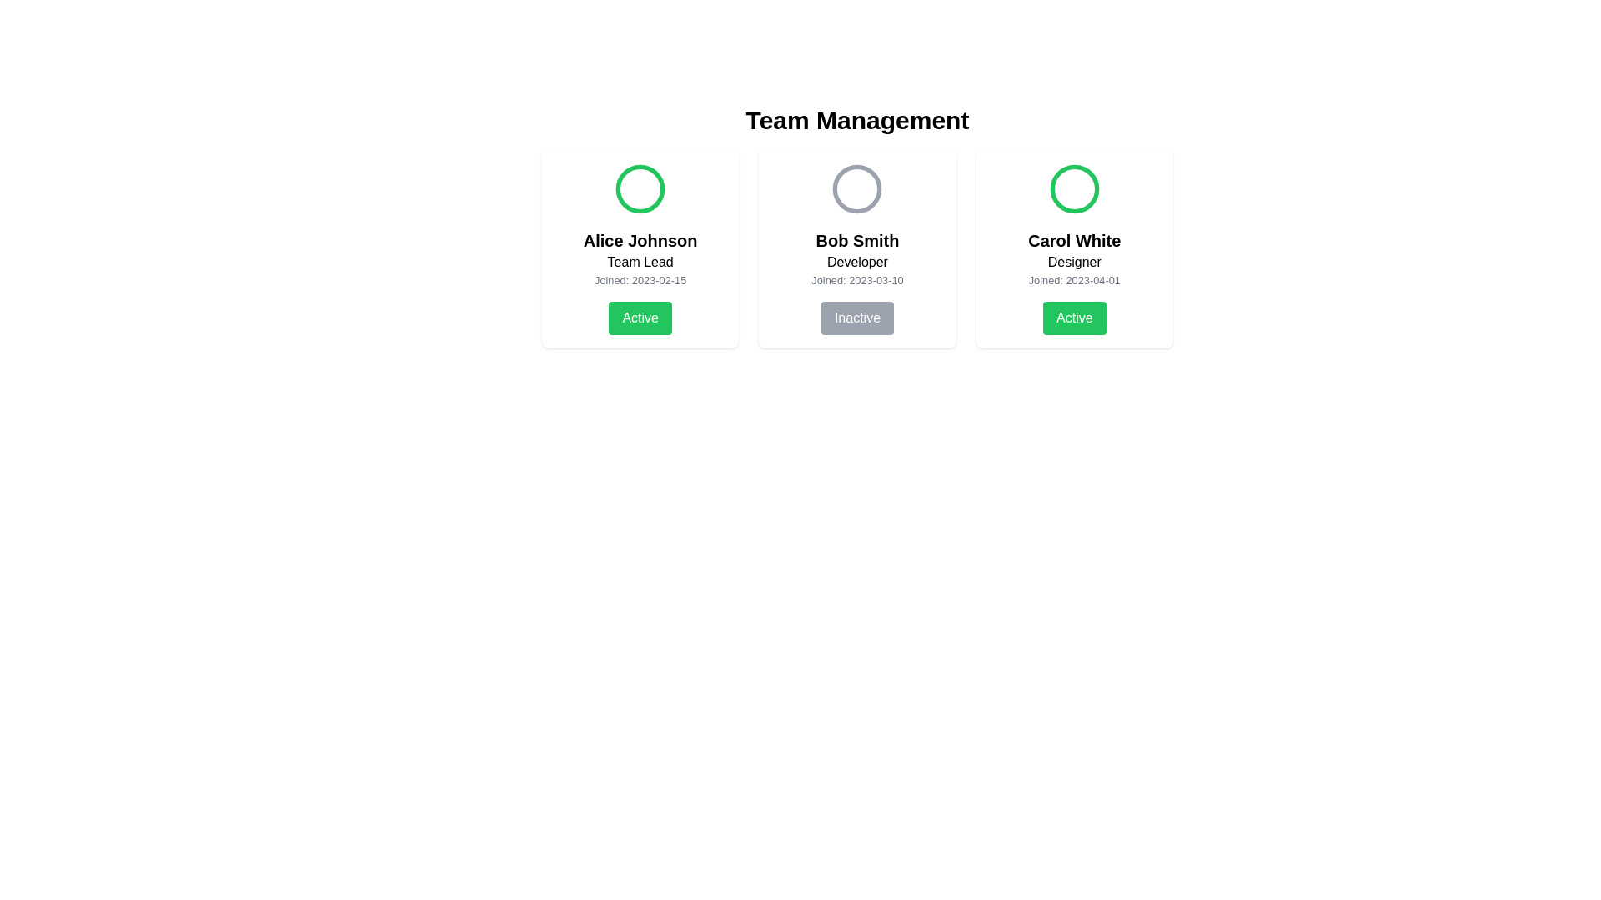  Describe the element at coordinates (640, 241) in the screenshot. I see `the text label displaying the name of a team member, which is located at the center of the first card in the 'Team Management' section, positioned between the green circle icon above and the 'Team Lead' label below` at that location.